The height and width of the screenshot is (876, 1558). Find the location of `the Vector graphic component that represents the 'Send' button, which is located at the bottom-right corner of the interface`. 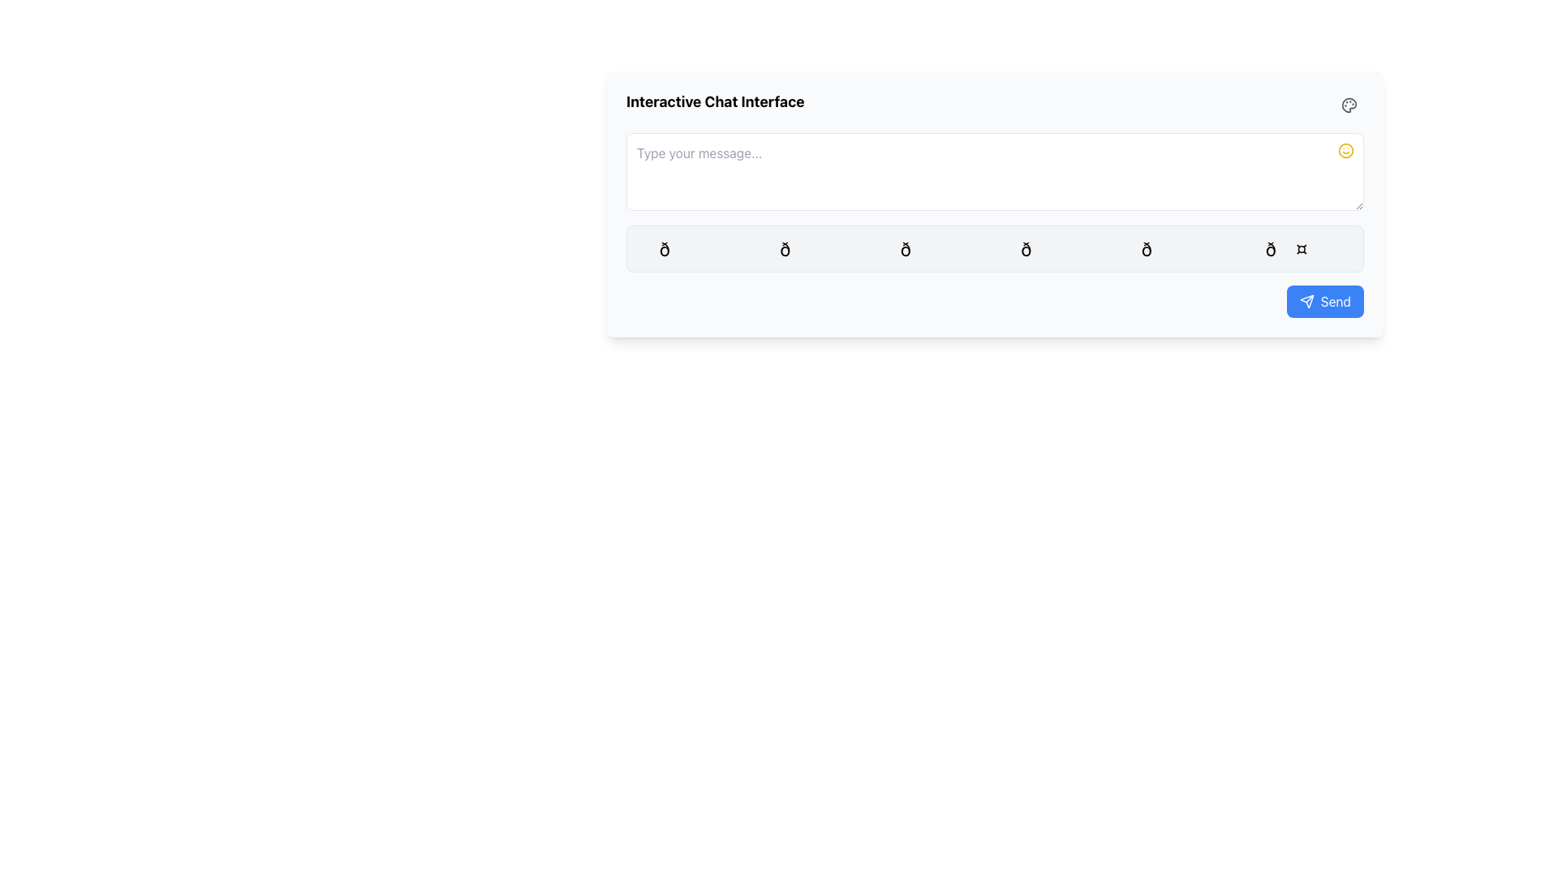

the Vector graphic component that represents the 'Send' button, which is located at the bottom-right corner of the interface is located at coordinates (1306, 300).